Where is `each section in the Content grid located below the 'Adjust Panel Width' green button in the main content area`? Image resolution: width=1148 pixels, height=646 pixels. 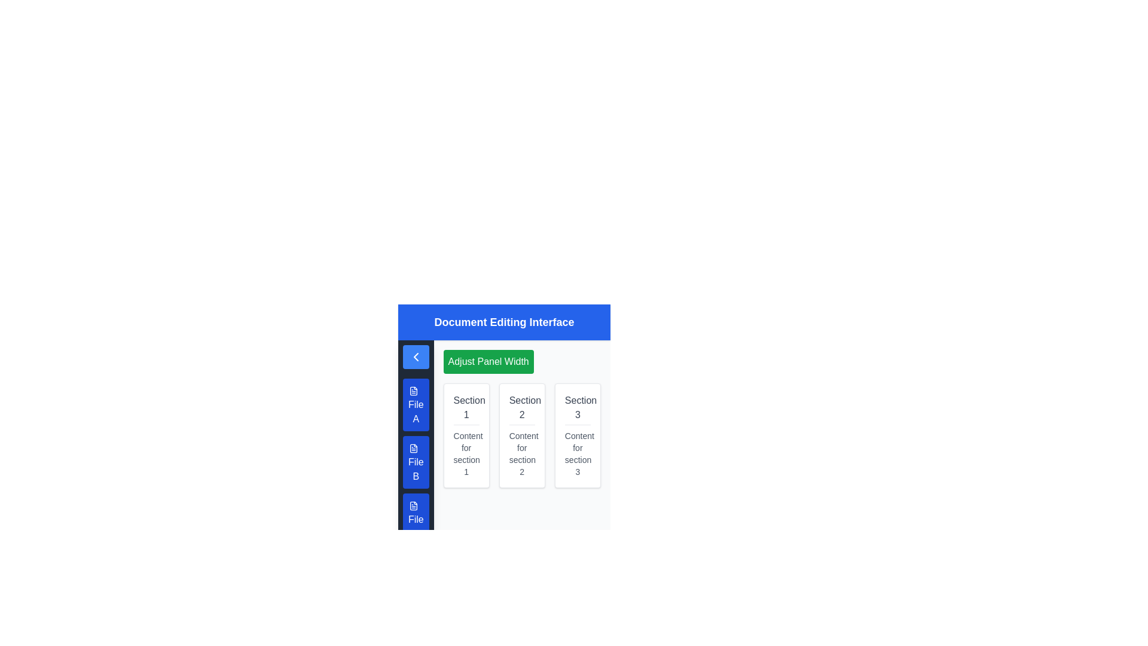 each section in the Content grid located below the 'Adjust Panel Width' green button in the main content area is located at coordinates (522, 435).